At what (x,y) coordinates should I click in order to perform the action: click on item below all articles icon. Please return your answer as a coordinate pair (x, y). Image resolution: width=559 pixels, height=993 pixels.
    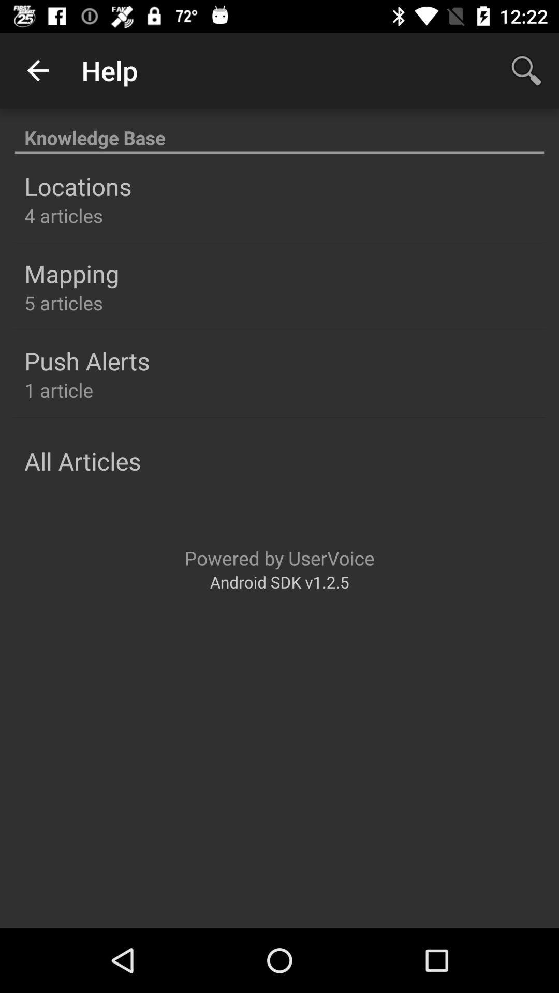
    Looking at the image, I should click on (279, 558).